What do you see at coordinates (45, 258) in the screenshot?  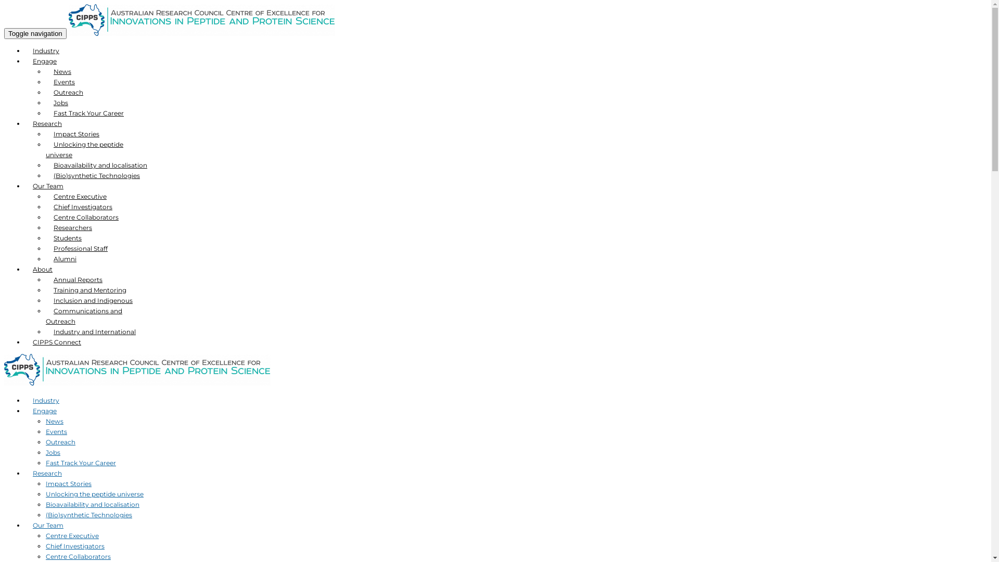 I see `'Alumni'` at bounding box center [45, 258].